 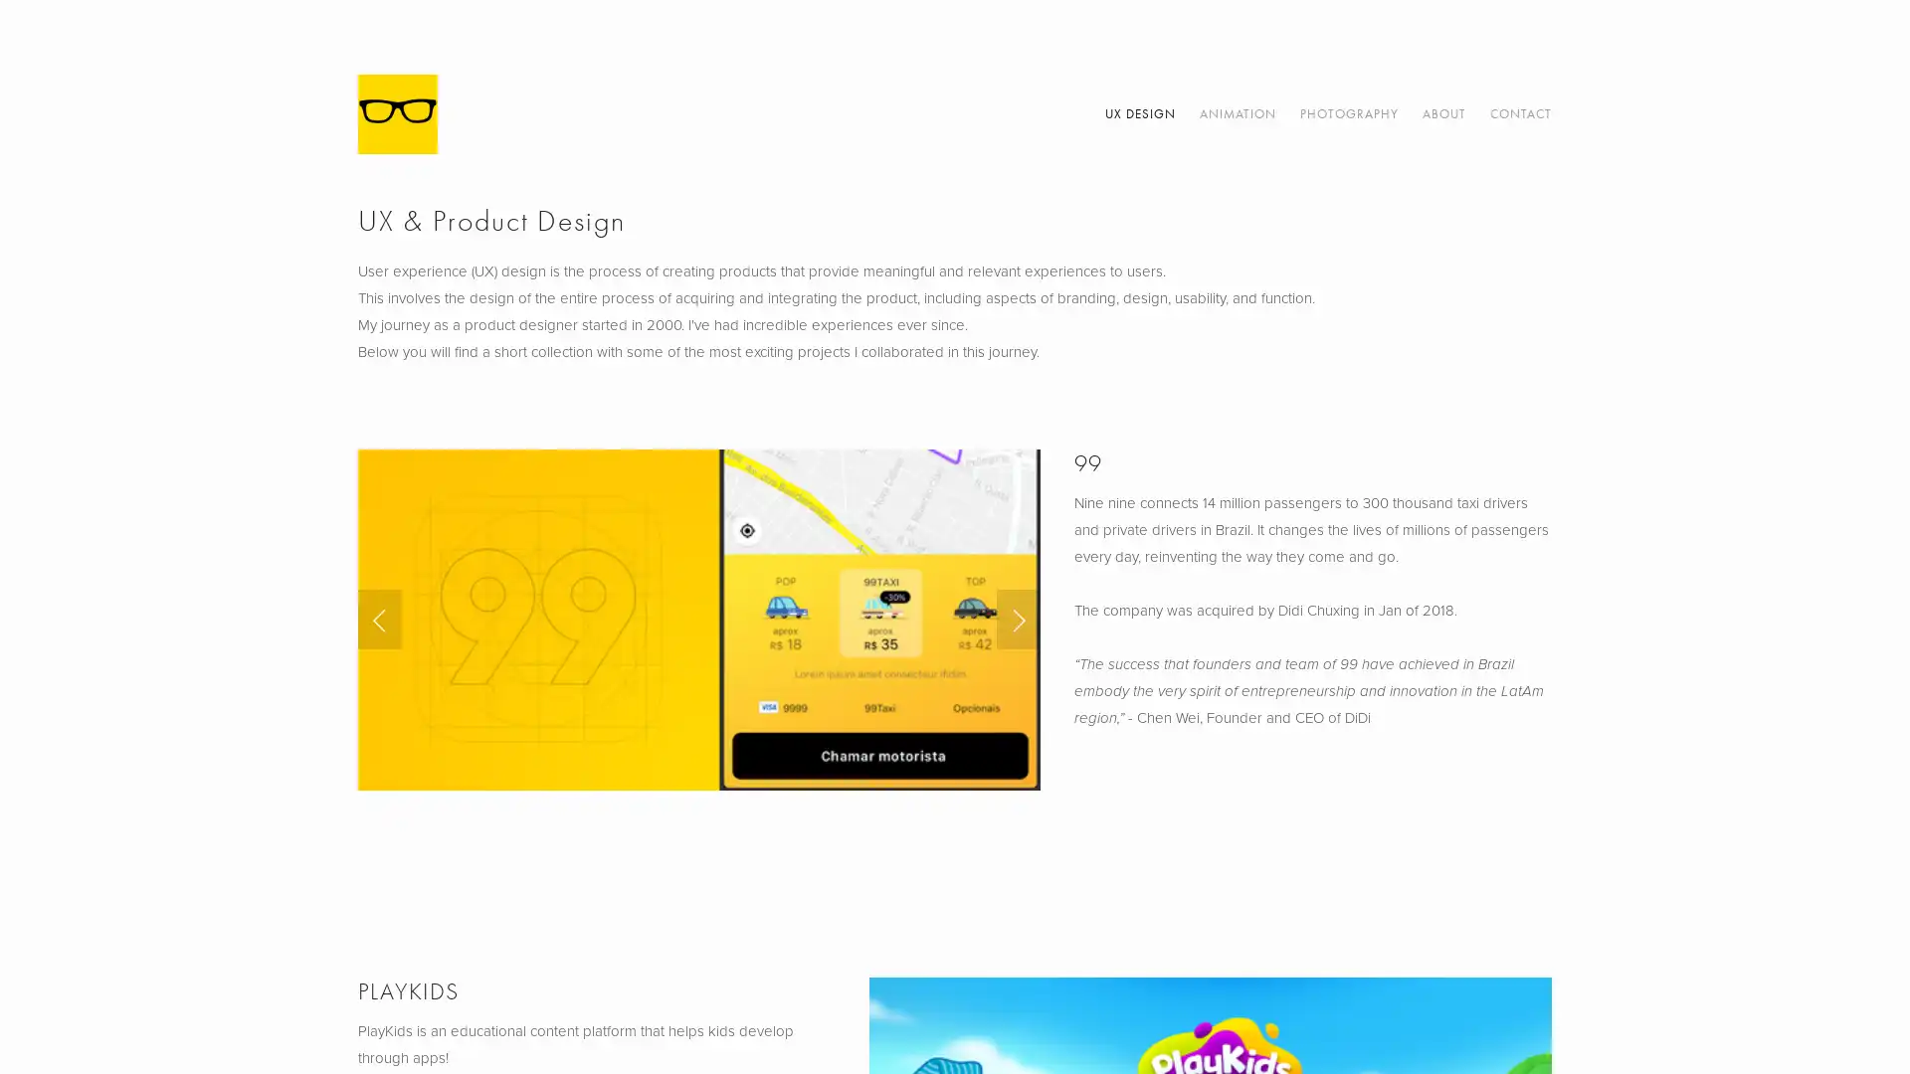 I want to click on Next Slide, so click(x=1017, y=619).